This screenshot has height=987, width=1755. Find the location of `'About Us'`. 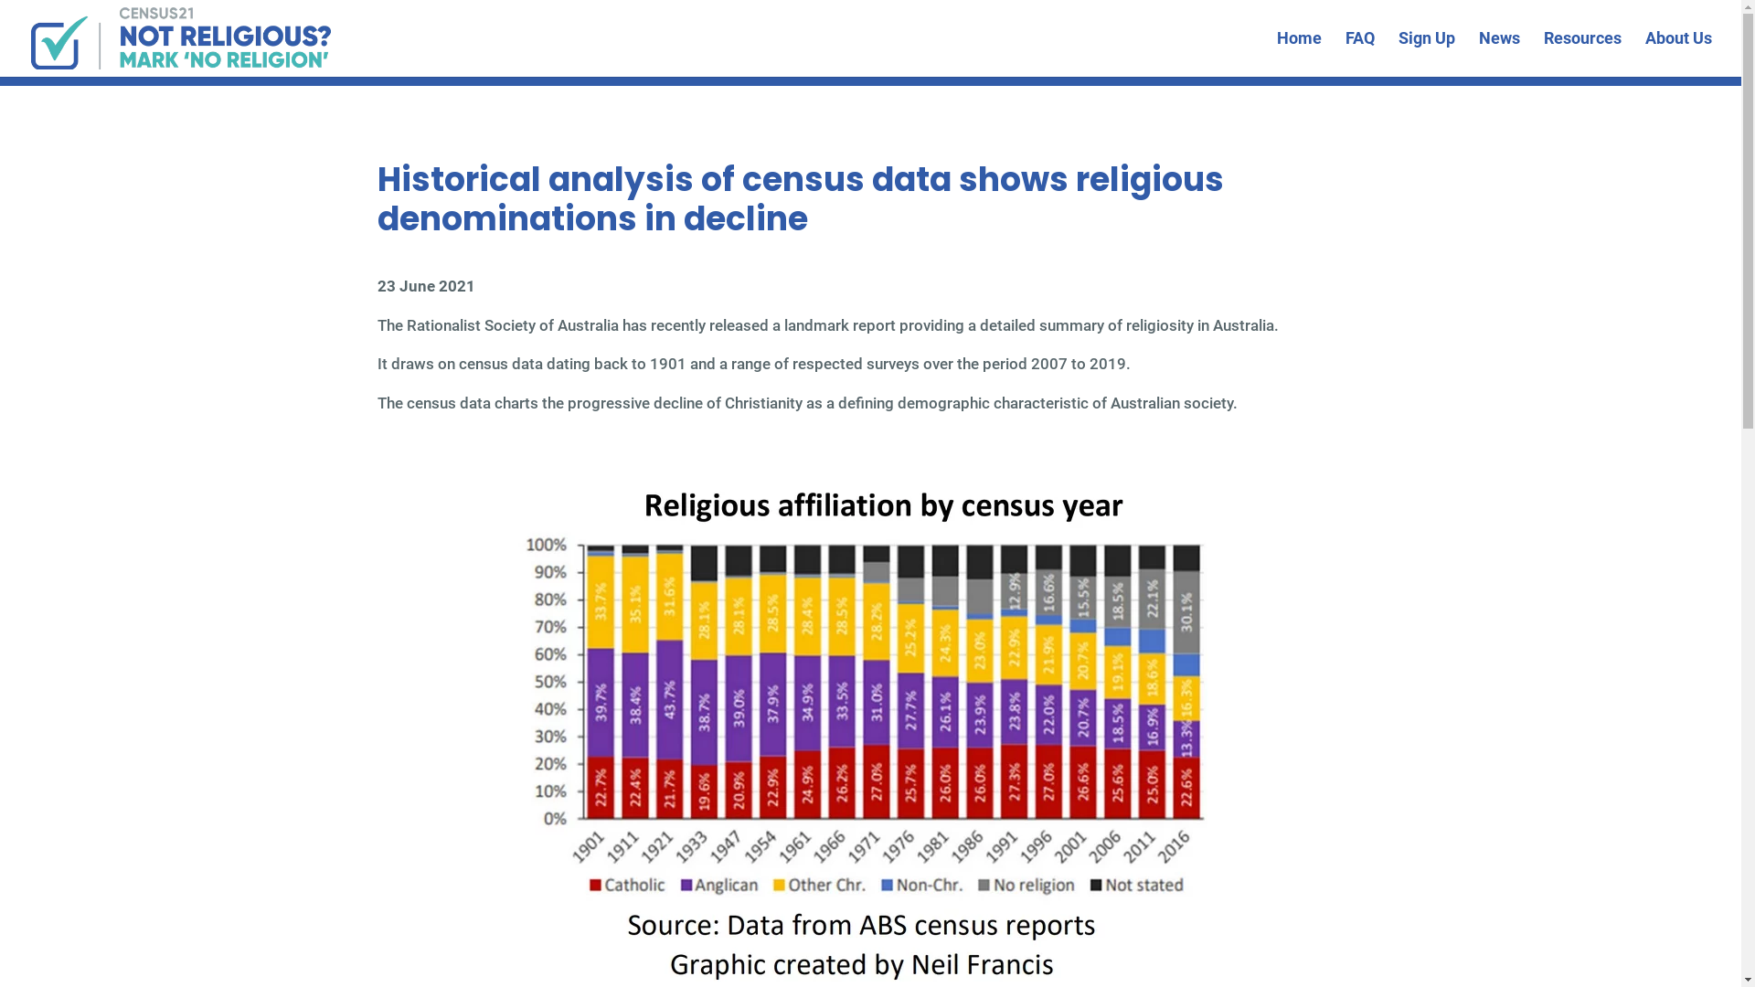

'About Us' is located at coordinates (1678, 53).